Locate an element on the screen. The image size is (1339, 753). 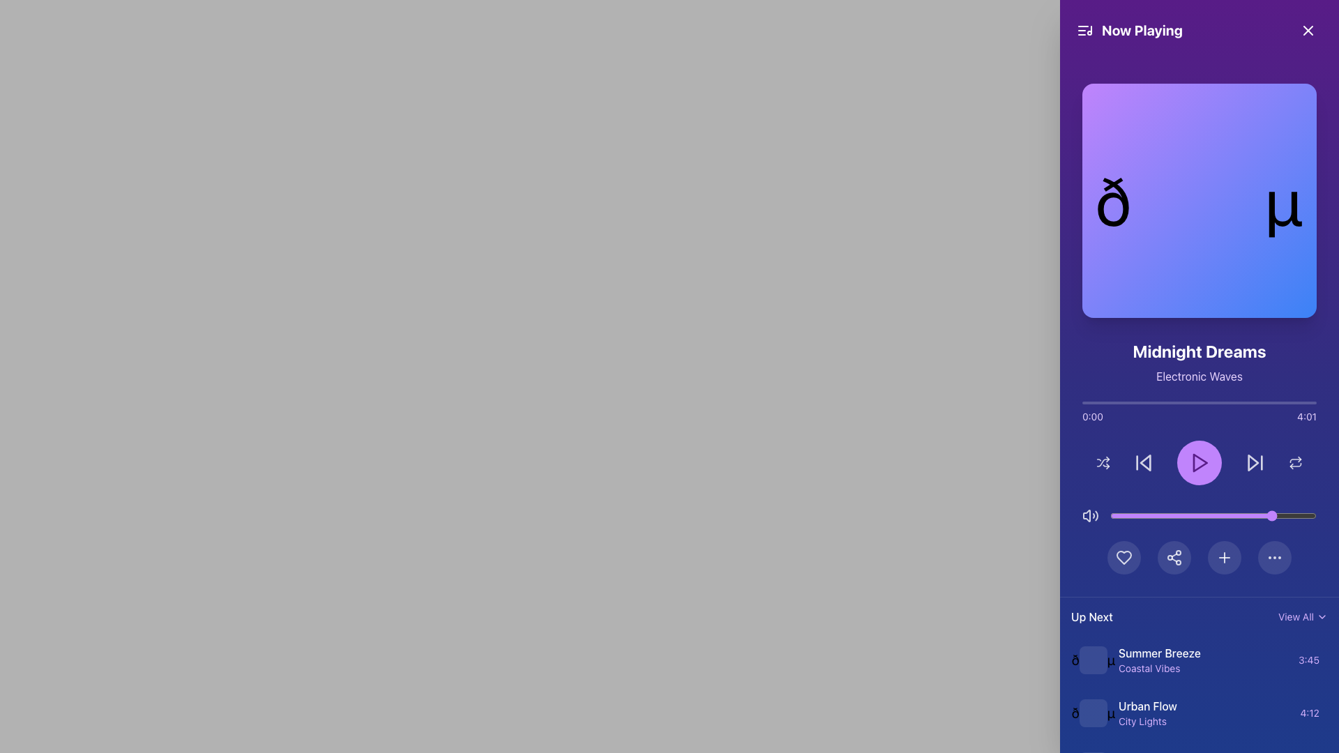
the Ellipsis button, which is located at the bottom right of the control panel is located at coordinates (1275, 556).